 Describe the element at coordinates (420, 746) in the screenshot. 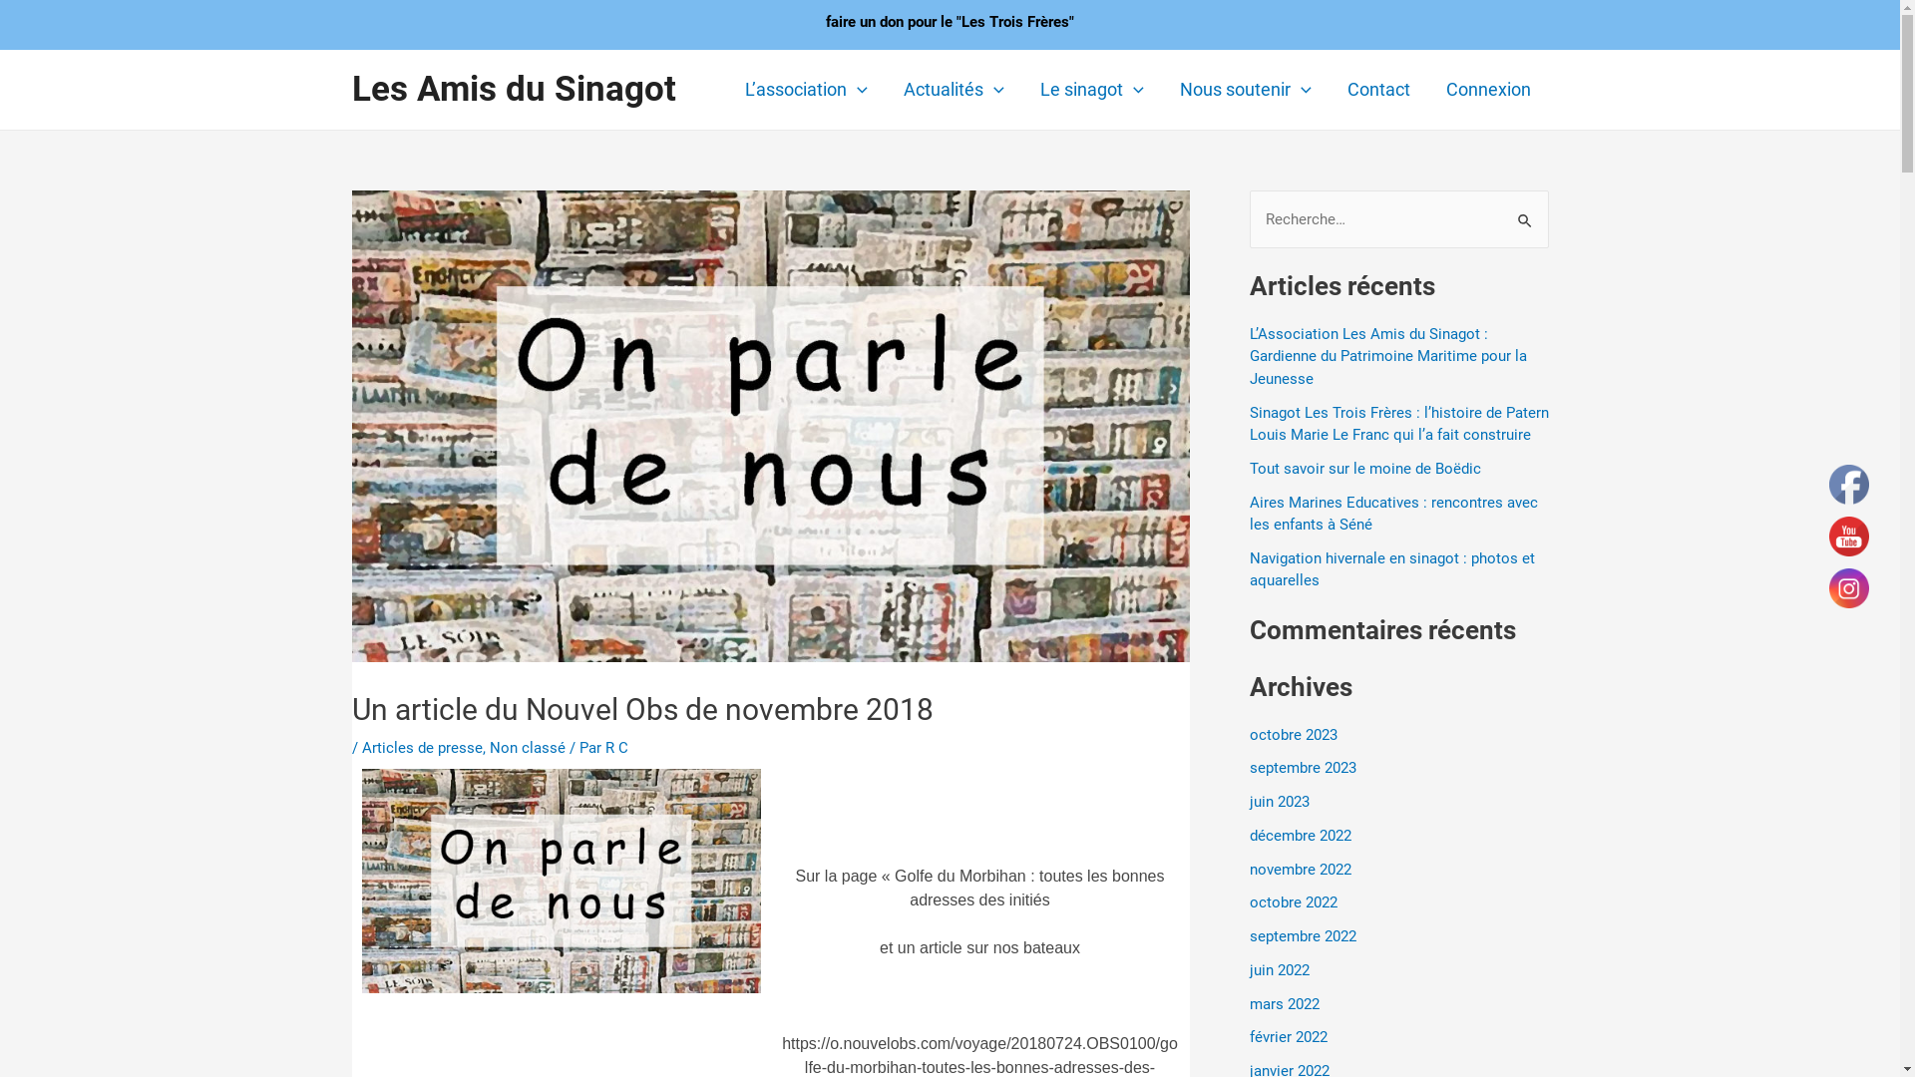

I see `'Articles de presse'` at that location.